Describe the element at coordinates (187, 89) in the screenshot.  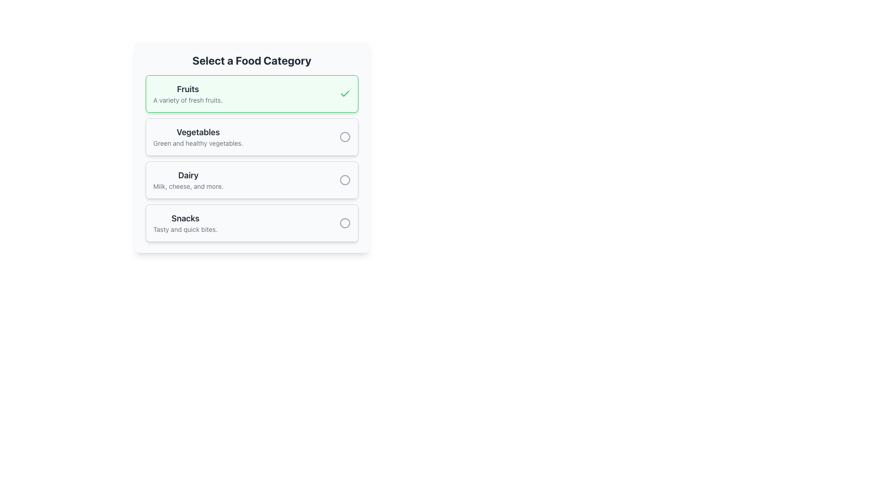
I see `text label 'Fruits' which serves as the title for the fruits category in the food selection interface` at that location.